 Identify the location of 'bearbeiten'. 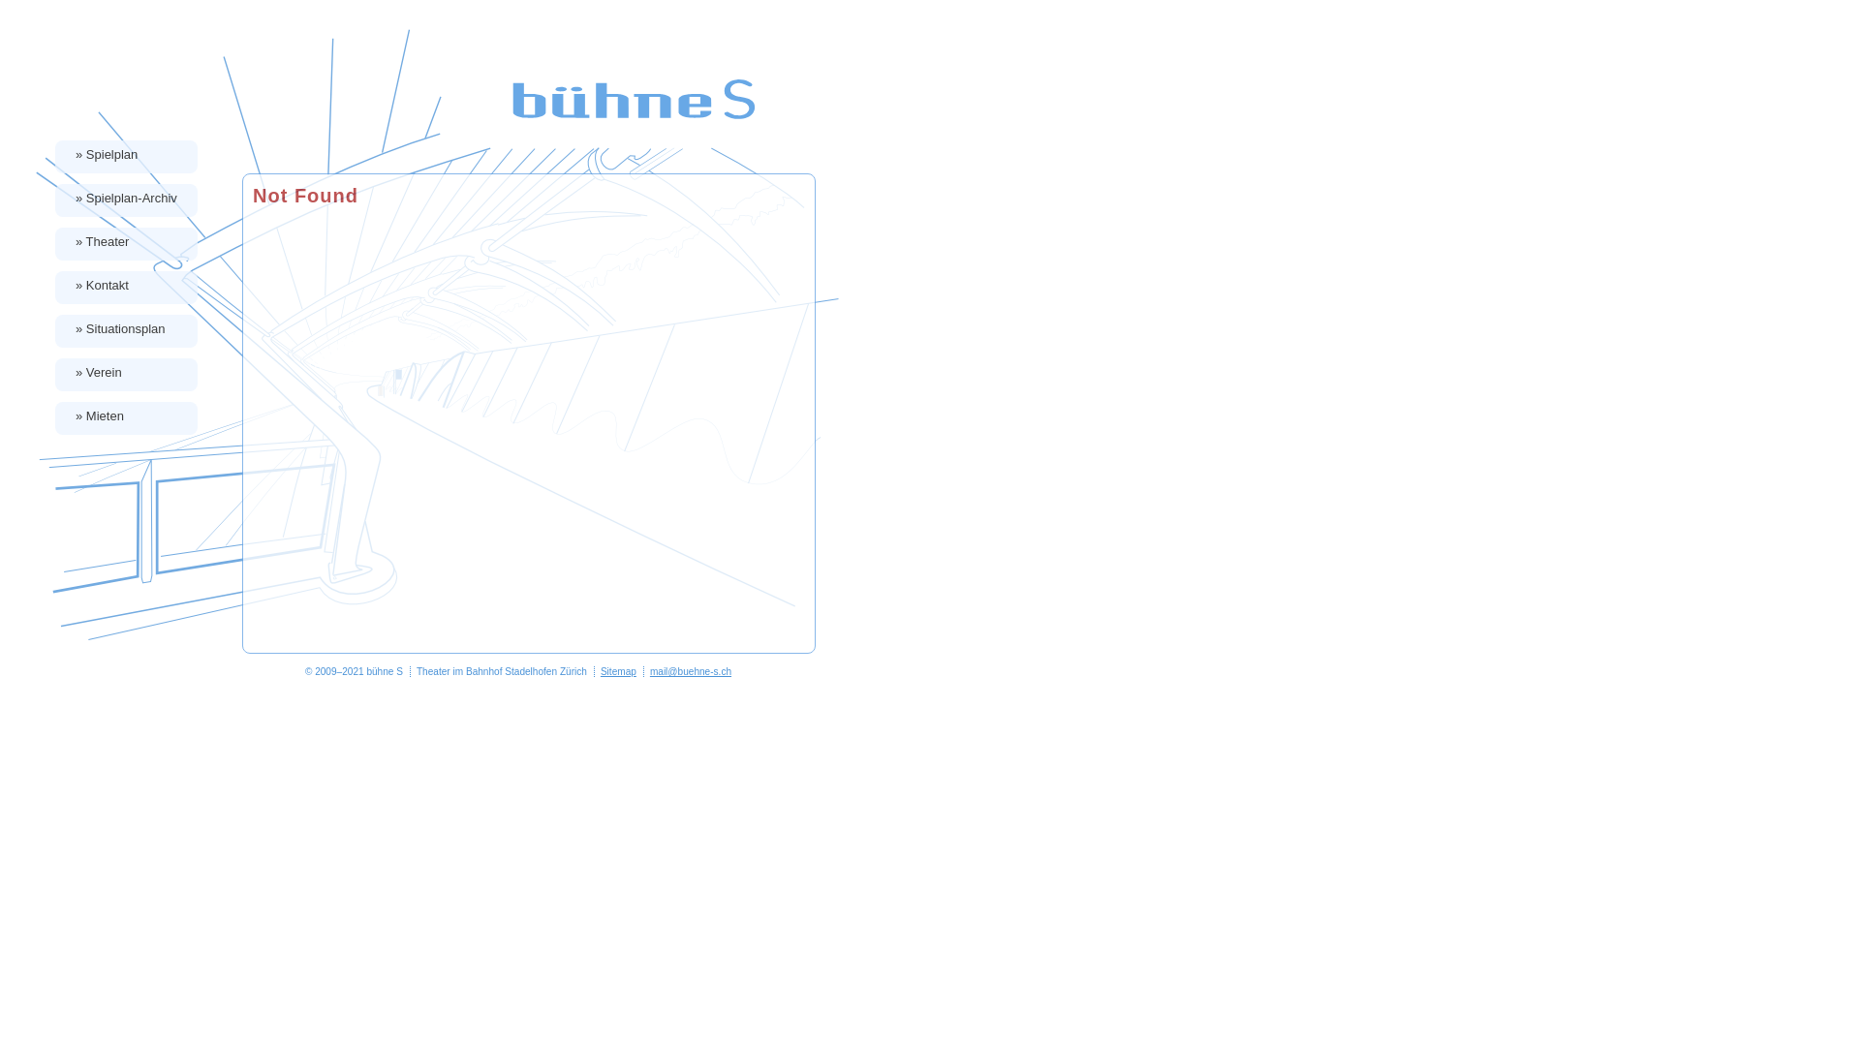
(1836, 1034).